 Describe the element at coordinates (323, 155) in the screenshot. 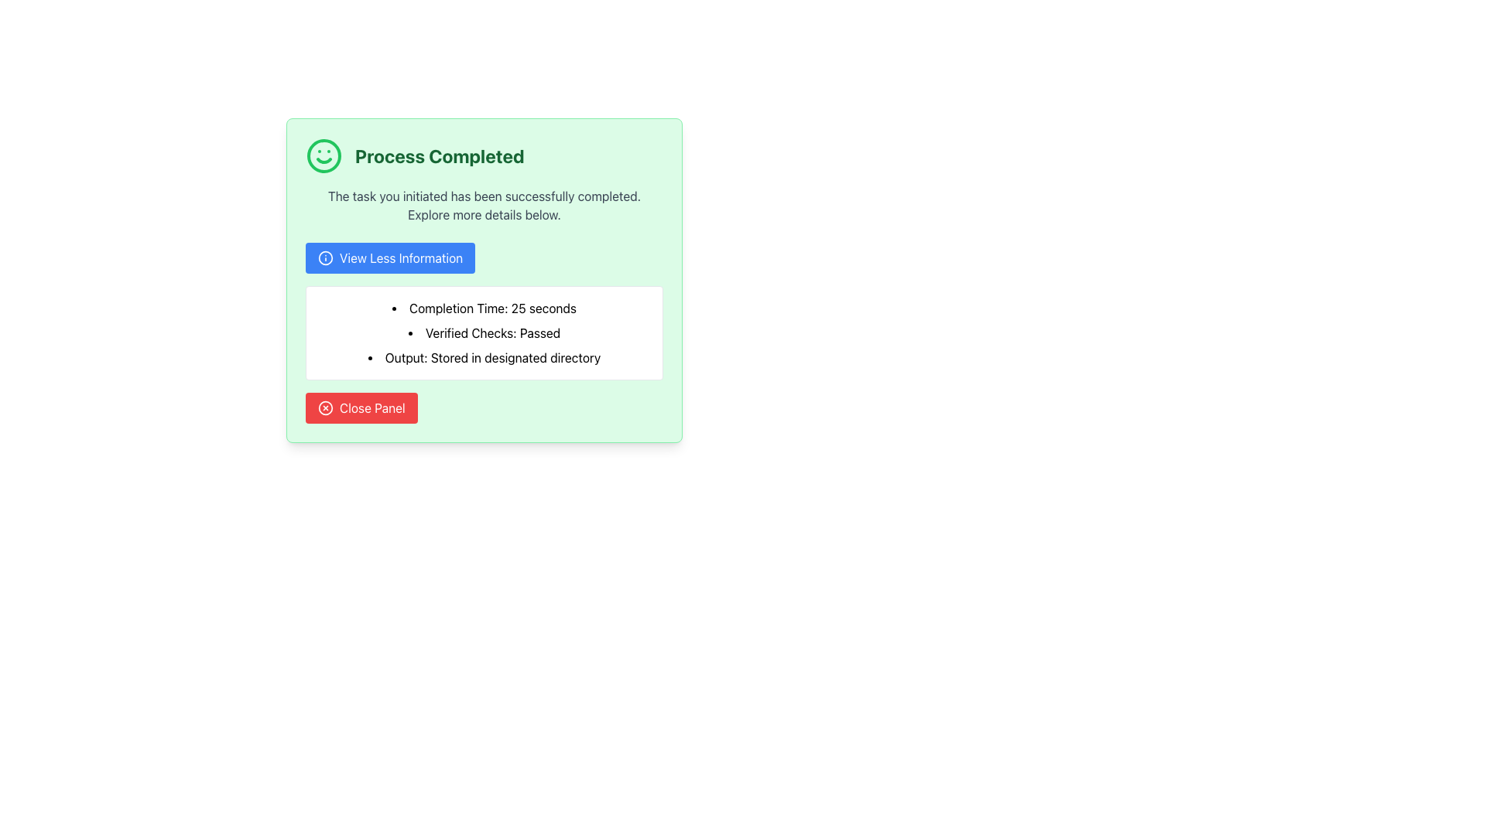

I see `the completion icon located to the left of the bold text 'Process Completed' in the header section of the message box` at that location.